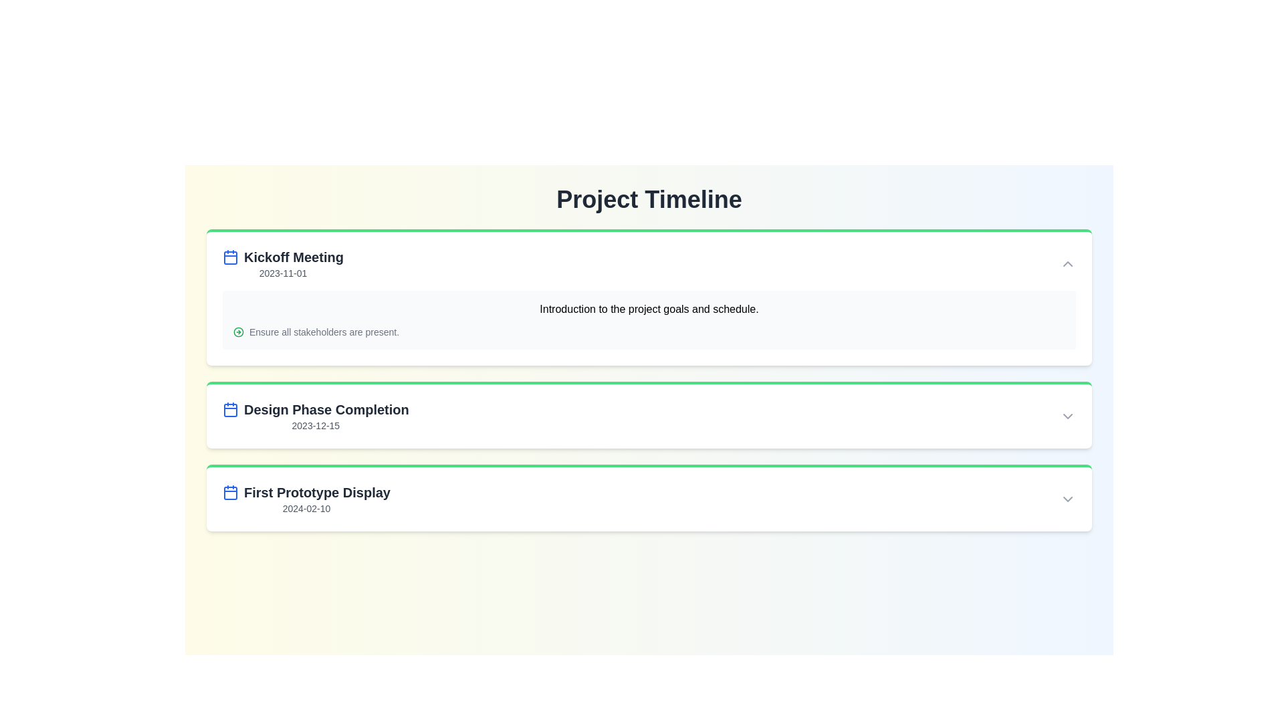 This screenshot has height=722, width=1284. Describe the element at coordinates (315, 425) in the screenshot. I see `text label displaying the date '2023-12-15' located beneath the title 'Design Phase Completion'` at that location.